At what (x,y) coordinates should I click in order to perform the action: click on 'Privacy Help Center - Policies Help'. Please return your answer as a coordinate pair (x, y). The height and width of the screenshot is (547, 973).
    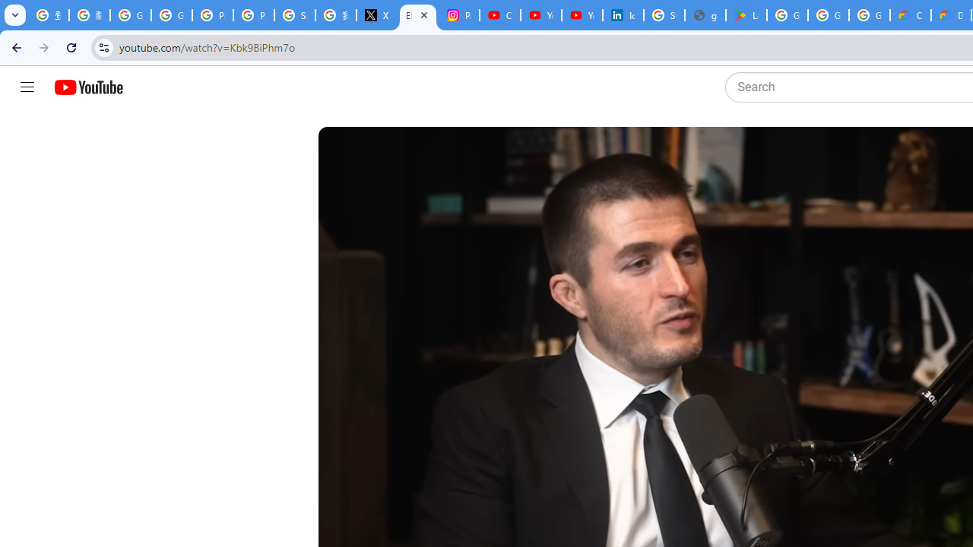
    Looking at the image, I should click on (254, 15).